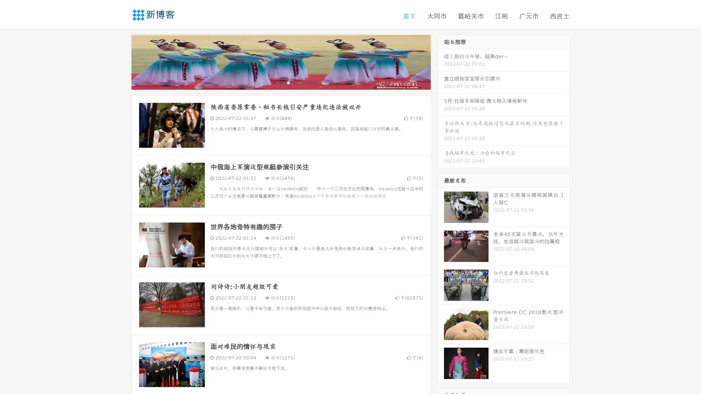 Image resolution: width=701 pixels, height=394 pixels. What do you see at coordinates (280, 82) in the screenshot?
I see `Go to slide 2` at bounding box center [280, 82].